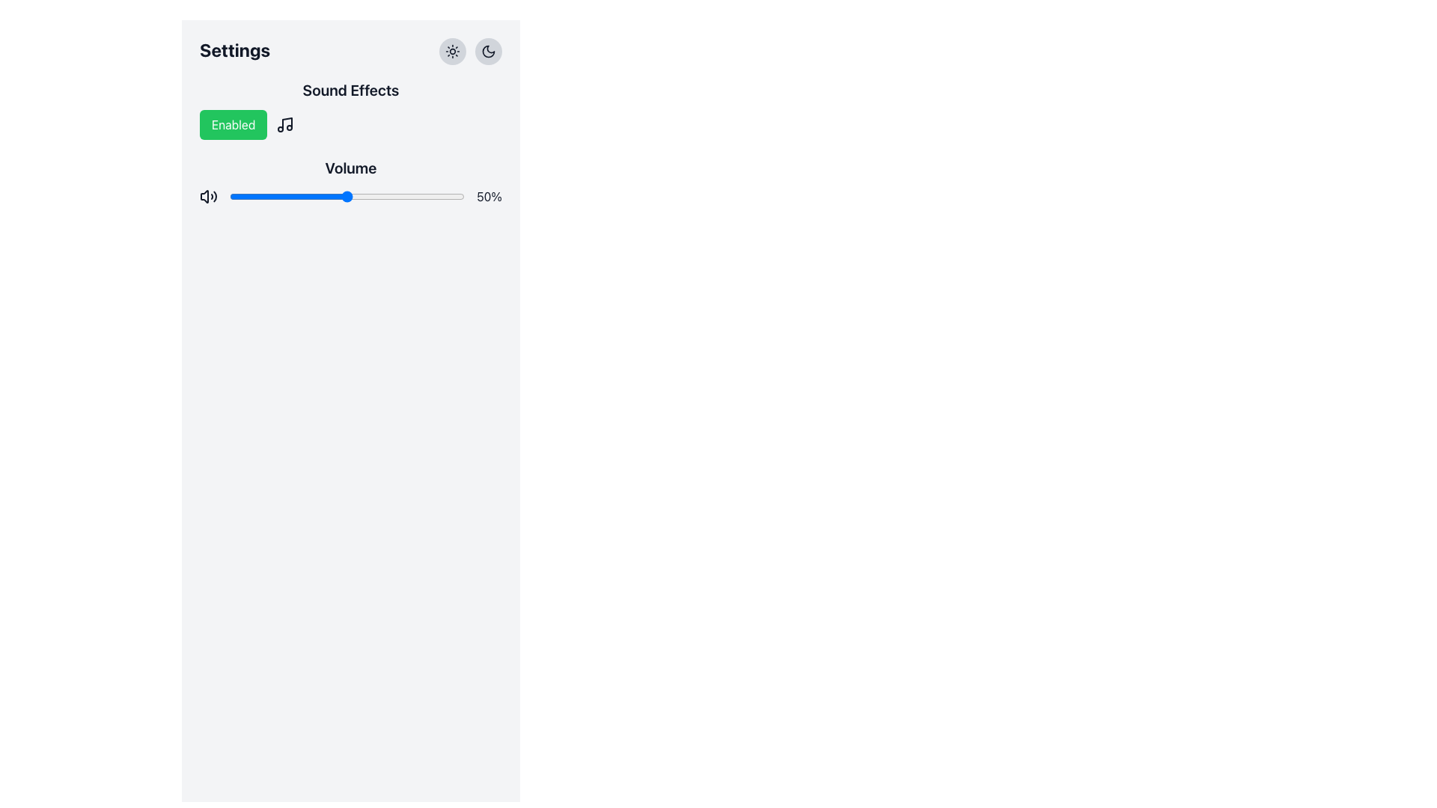 This screenshot has height=808, width=1437. I want to click on the Light Mode toggle icon, which is a circular button located in the top right corner of the settings interface, so click(451, 51).